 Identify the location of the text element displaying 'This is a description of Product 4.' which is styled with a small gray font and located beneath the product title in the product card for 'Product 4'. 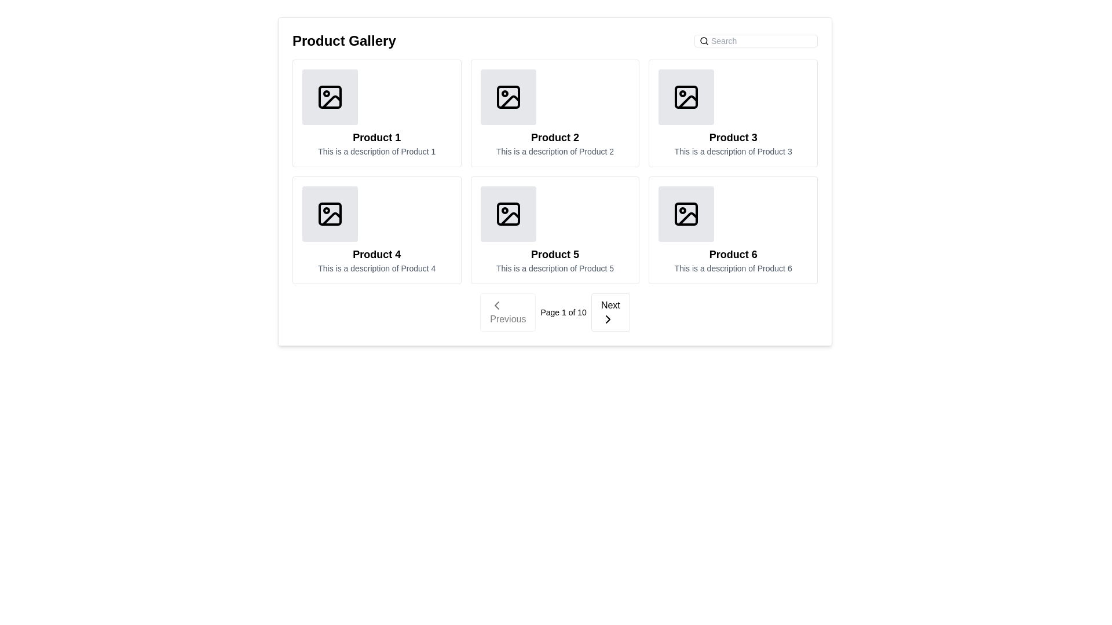
(376, 268).